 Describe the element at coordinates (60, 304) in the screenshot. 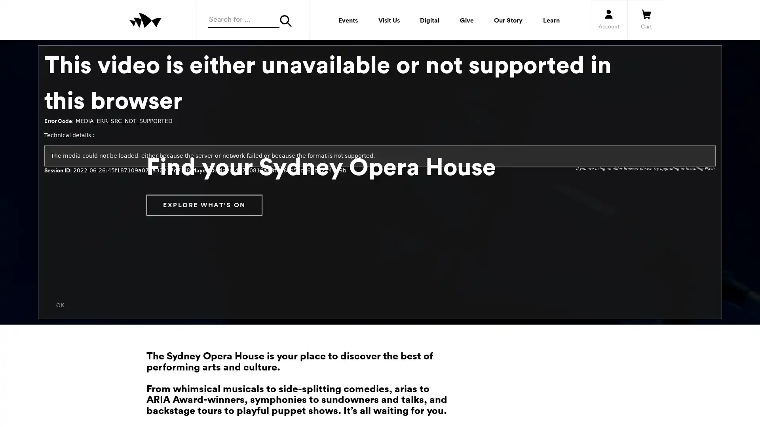

I see `OK` at that location.